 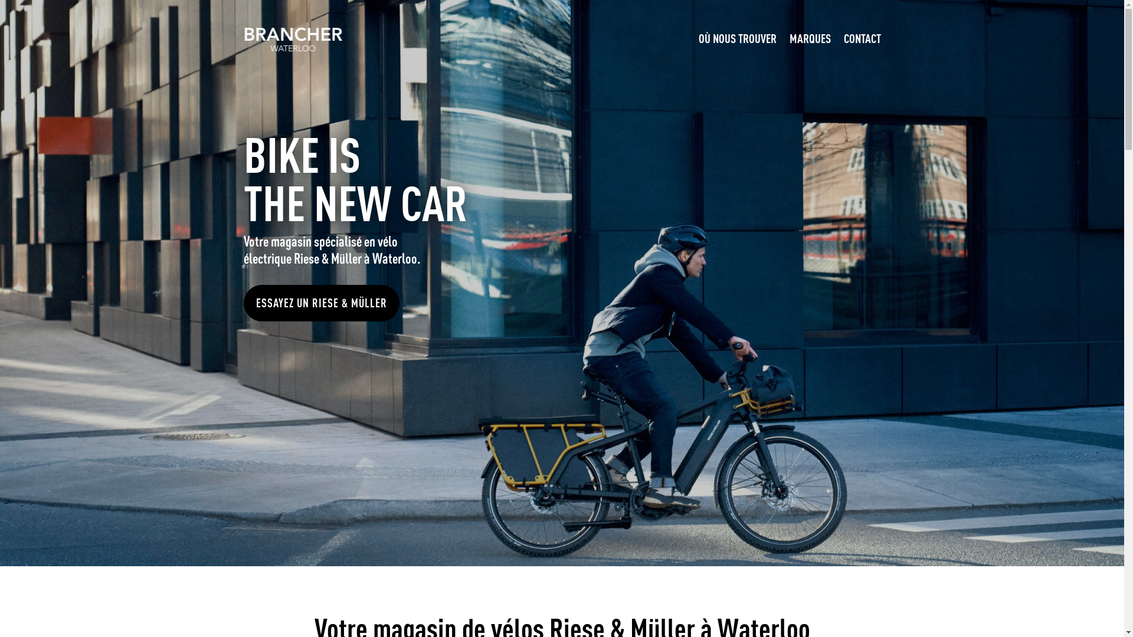 I want to click on 'CONTACT', so click(x=843, y=38).